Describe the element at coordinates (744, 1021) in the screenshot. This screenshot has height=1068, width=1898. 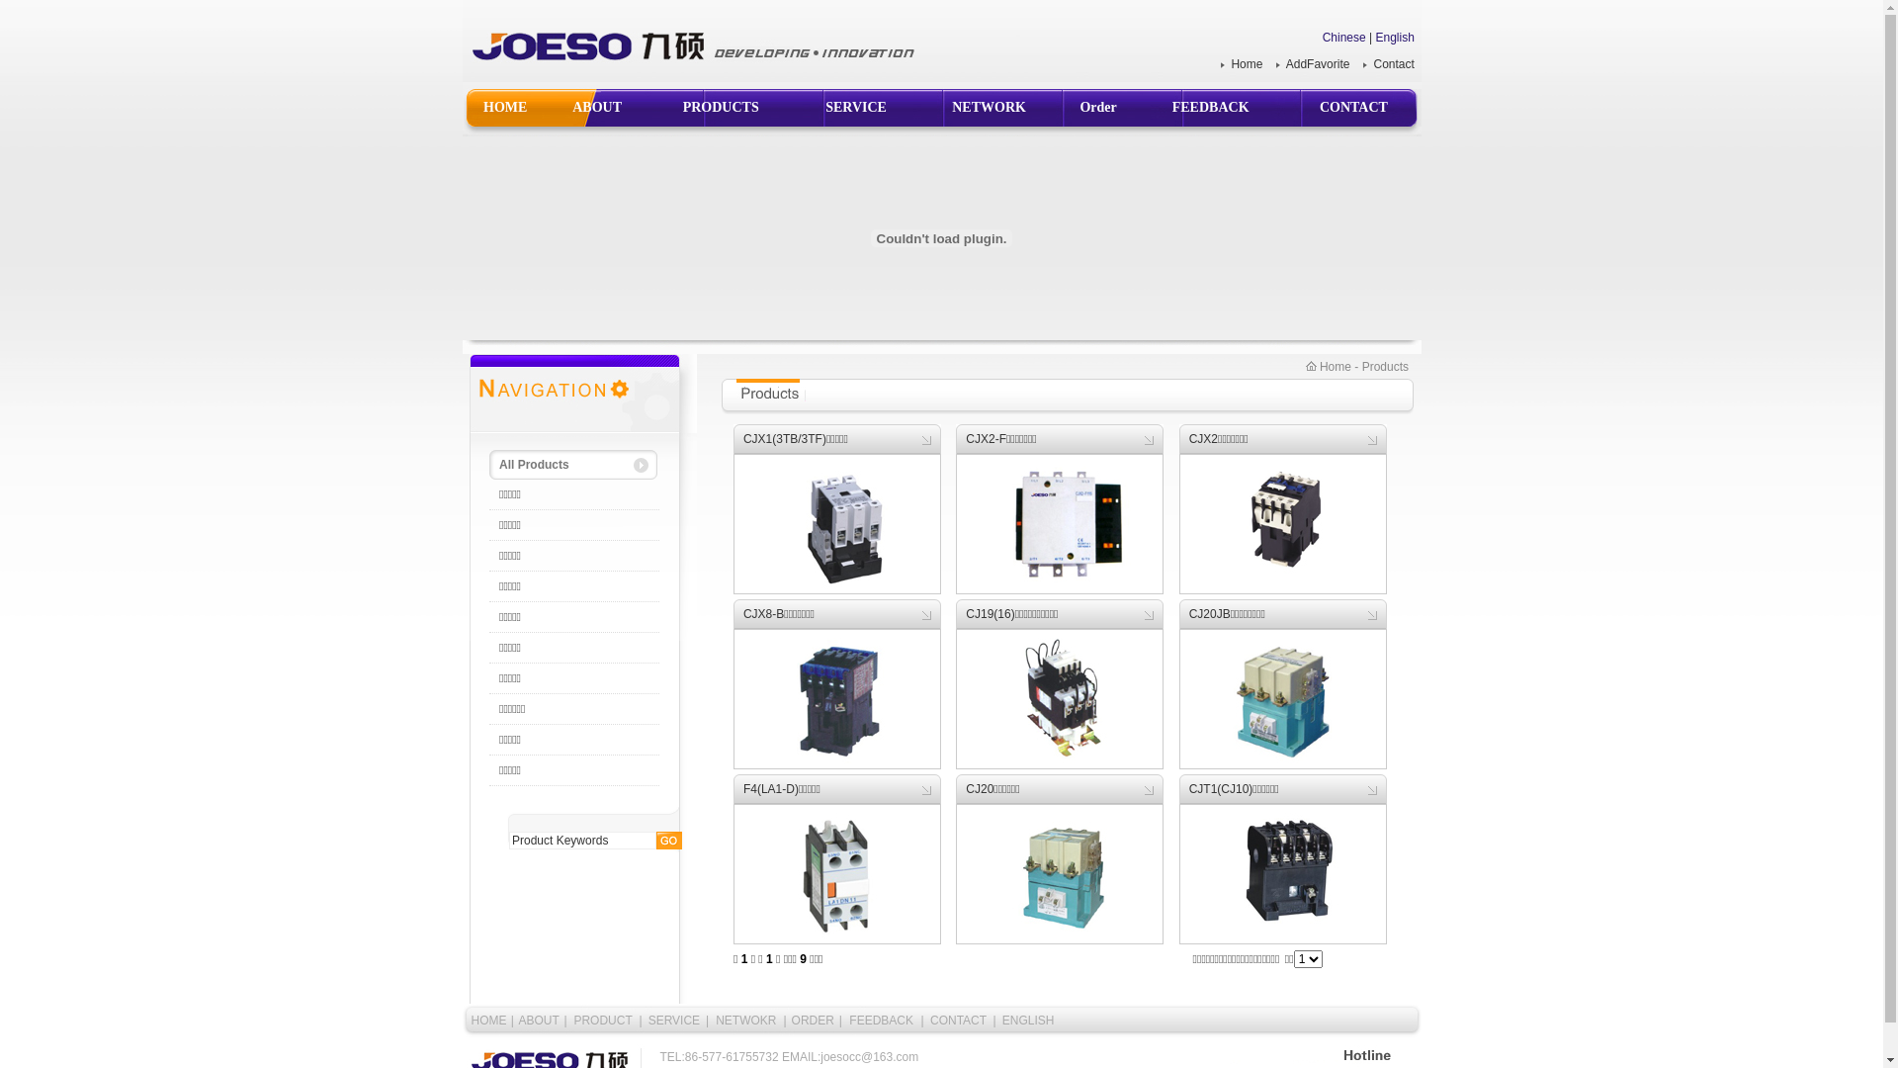
I see `'NETWOKR'` at that location.